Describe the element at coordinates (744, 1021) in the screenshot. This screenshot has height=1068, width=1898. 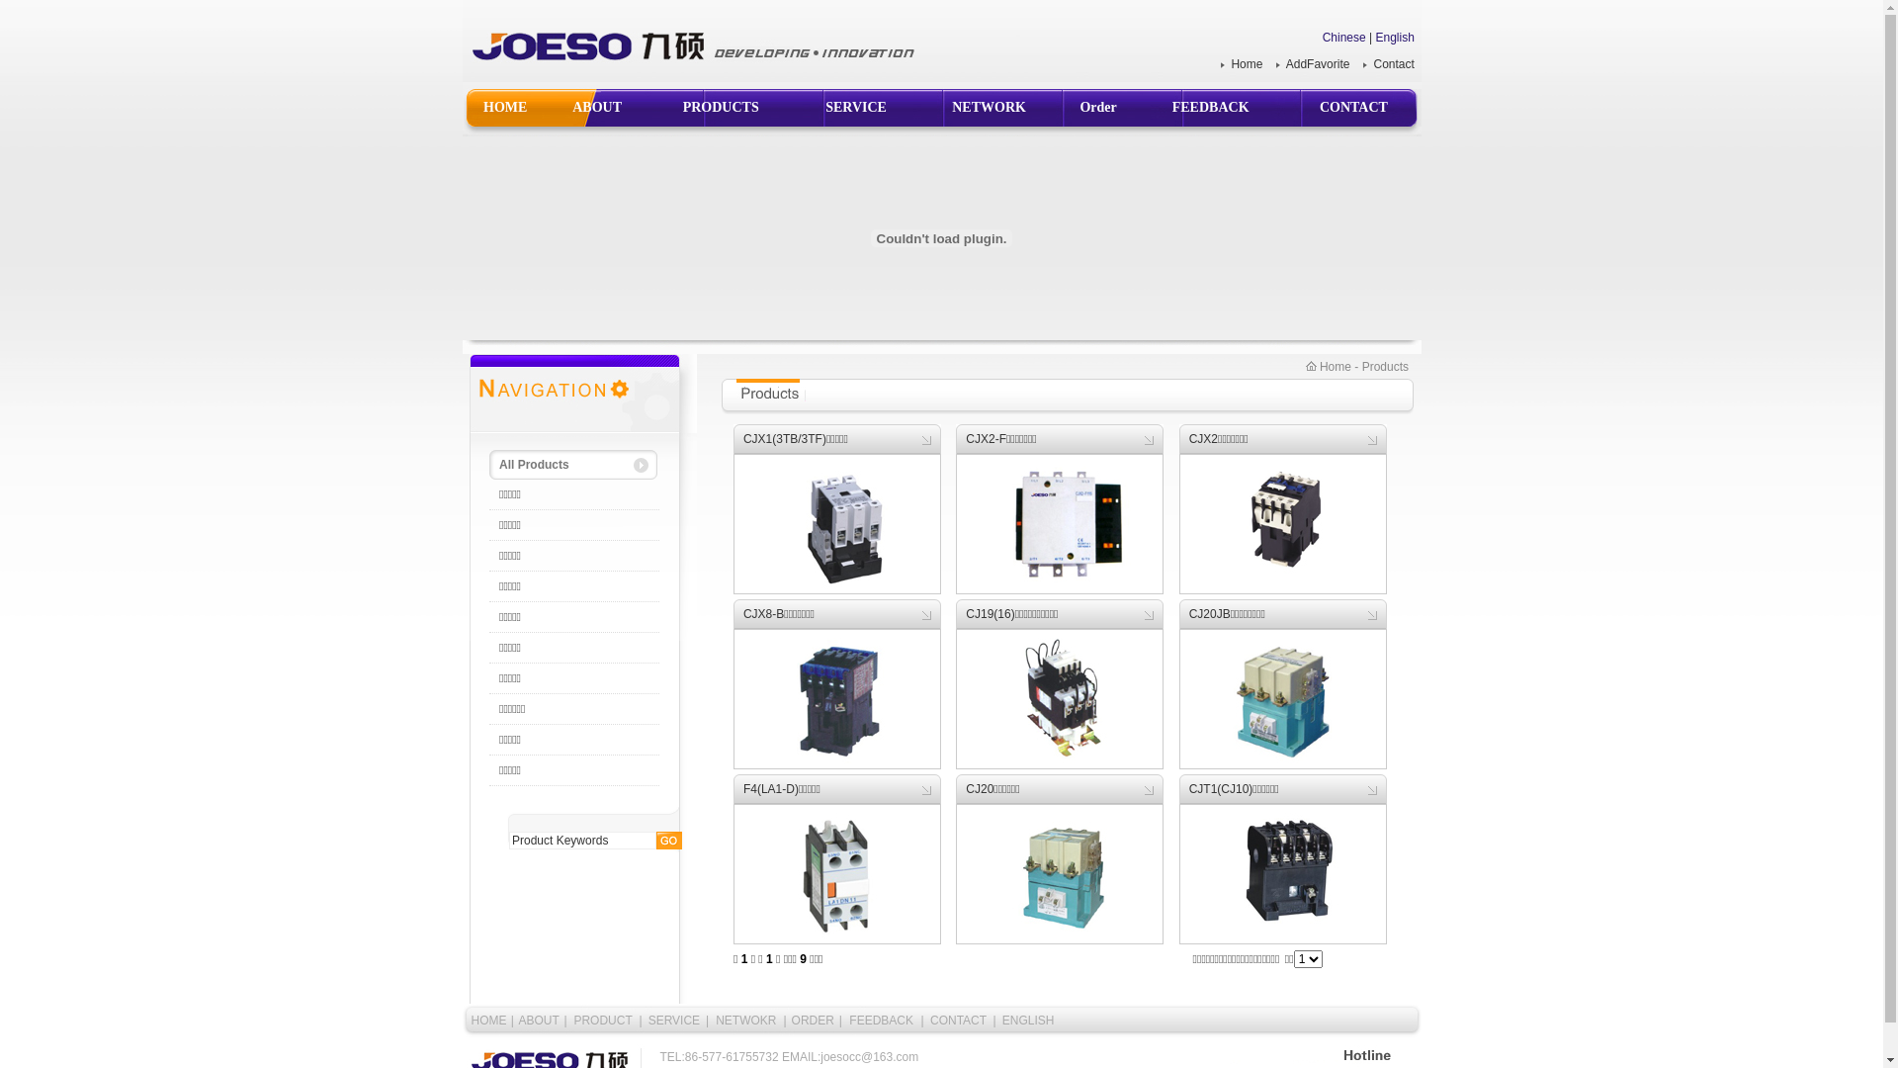
I see `'NETWOKR'` at that location.